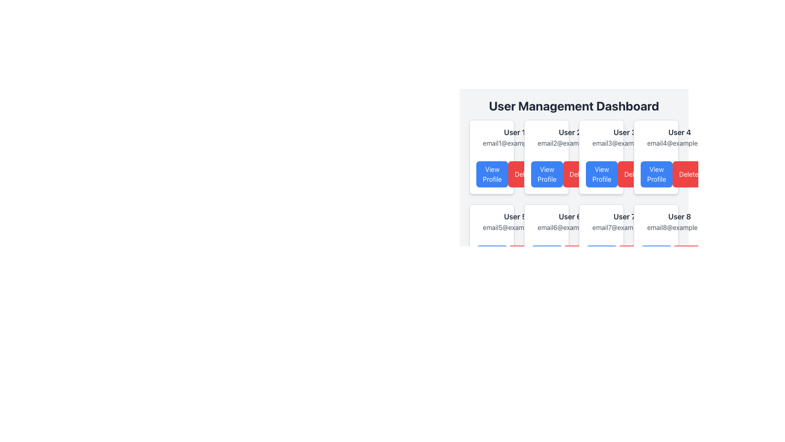 The width and height of the screenshot is (785, 442). Describe the element at coordinates (491, 222) in the screenshot. I see `the Text Label displaying the user's identifier ('User 5') and email address ('email5@example.com') located in the first card of the second row in the User Management Dashboard` at that location.